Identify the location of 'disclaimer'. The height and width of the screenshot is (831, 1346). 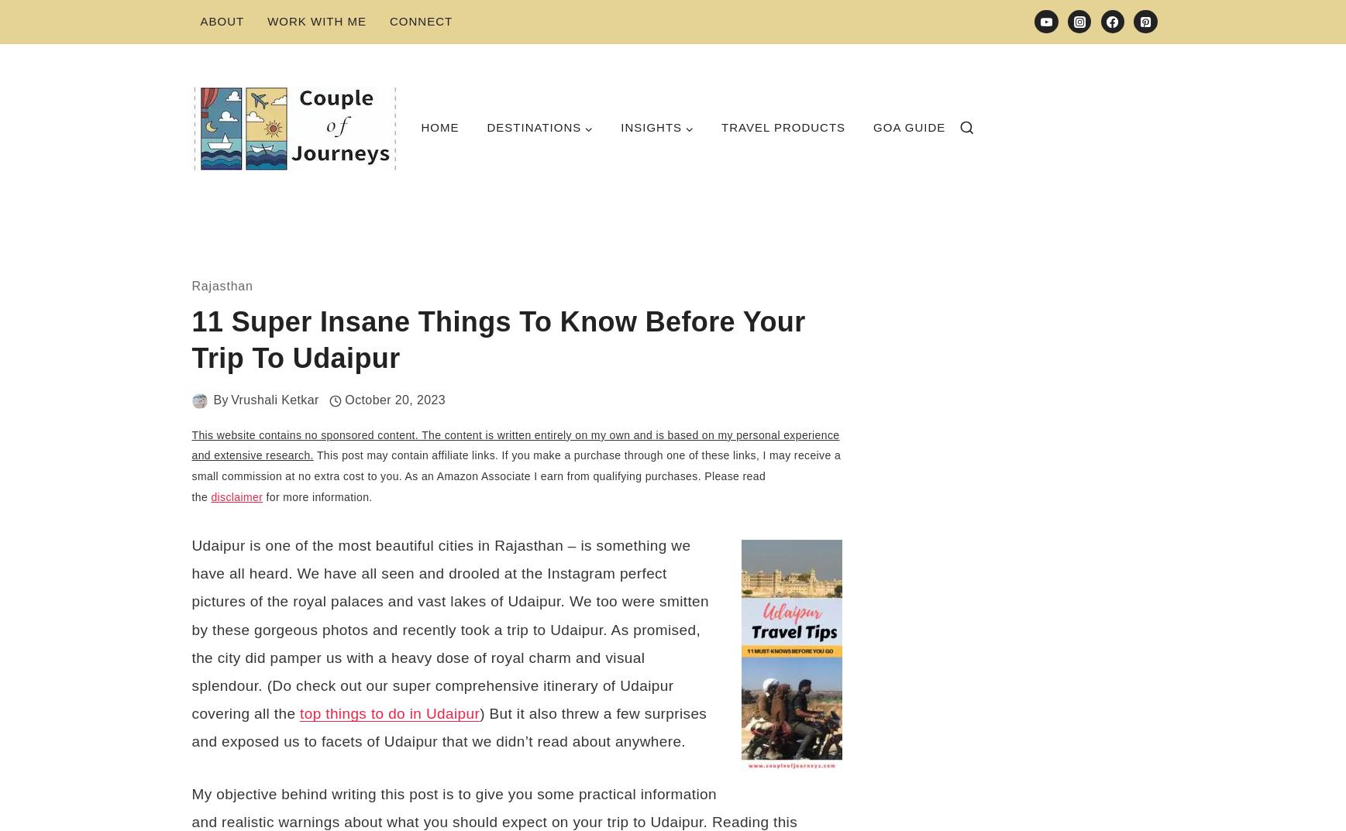
(210, 496).